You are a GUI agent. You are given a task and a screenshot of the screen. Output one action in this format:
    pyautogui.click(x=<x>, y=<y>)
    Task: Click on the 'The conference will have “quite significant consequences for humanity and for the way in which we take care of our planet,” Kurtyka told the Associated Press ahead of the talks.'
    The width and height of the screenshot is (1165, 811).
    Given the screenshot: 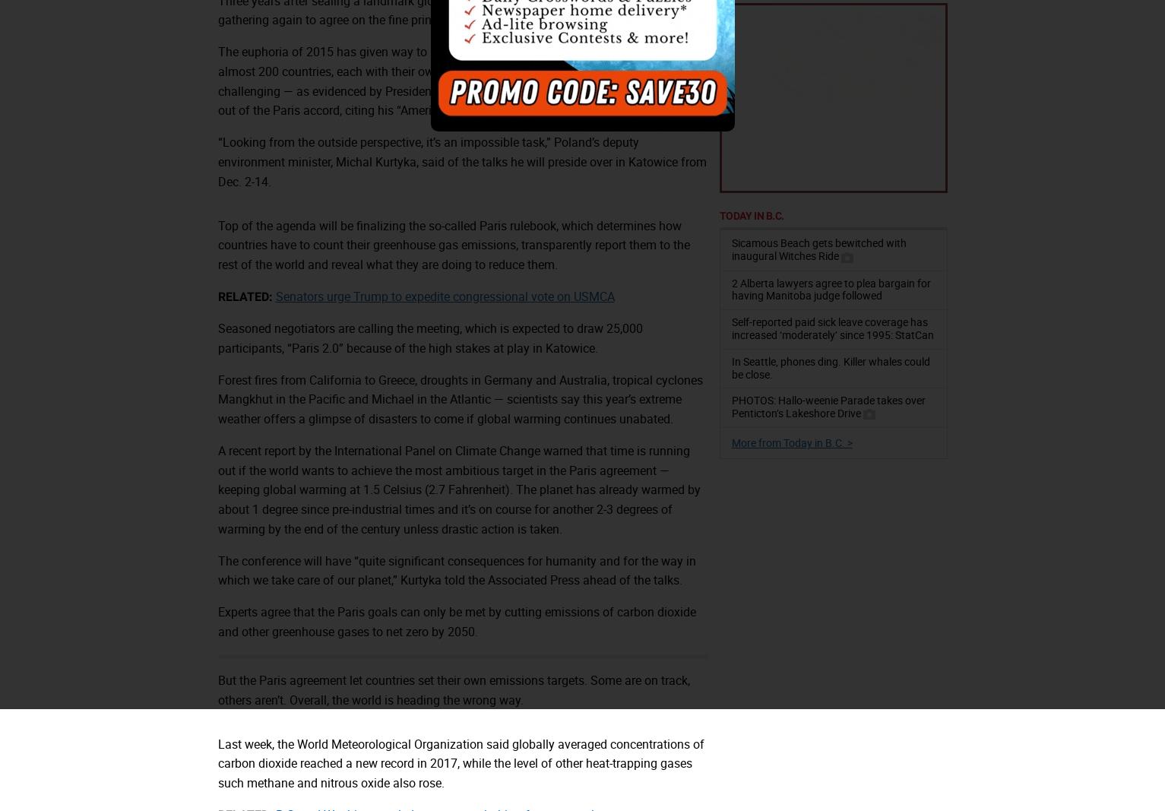 What is the action you would take?
    pyautogui.click(x=455, y=569)
    